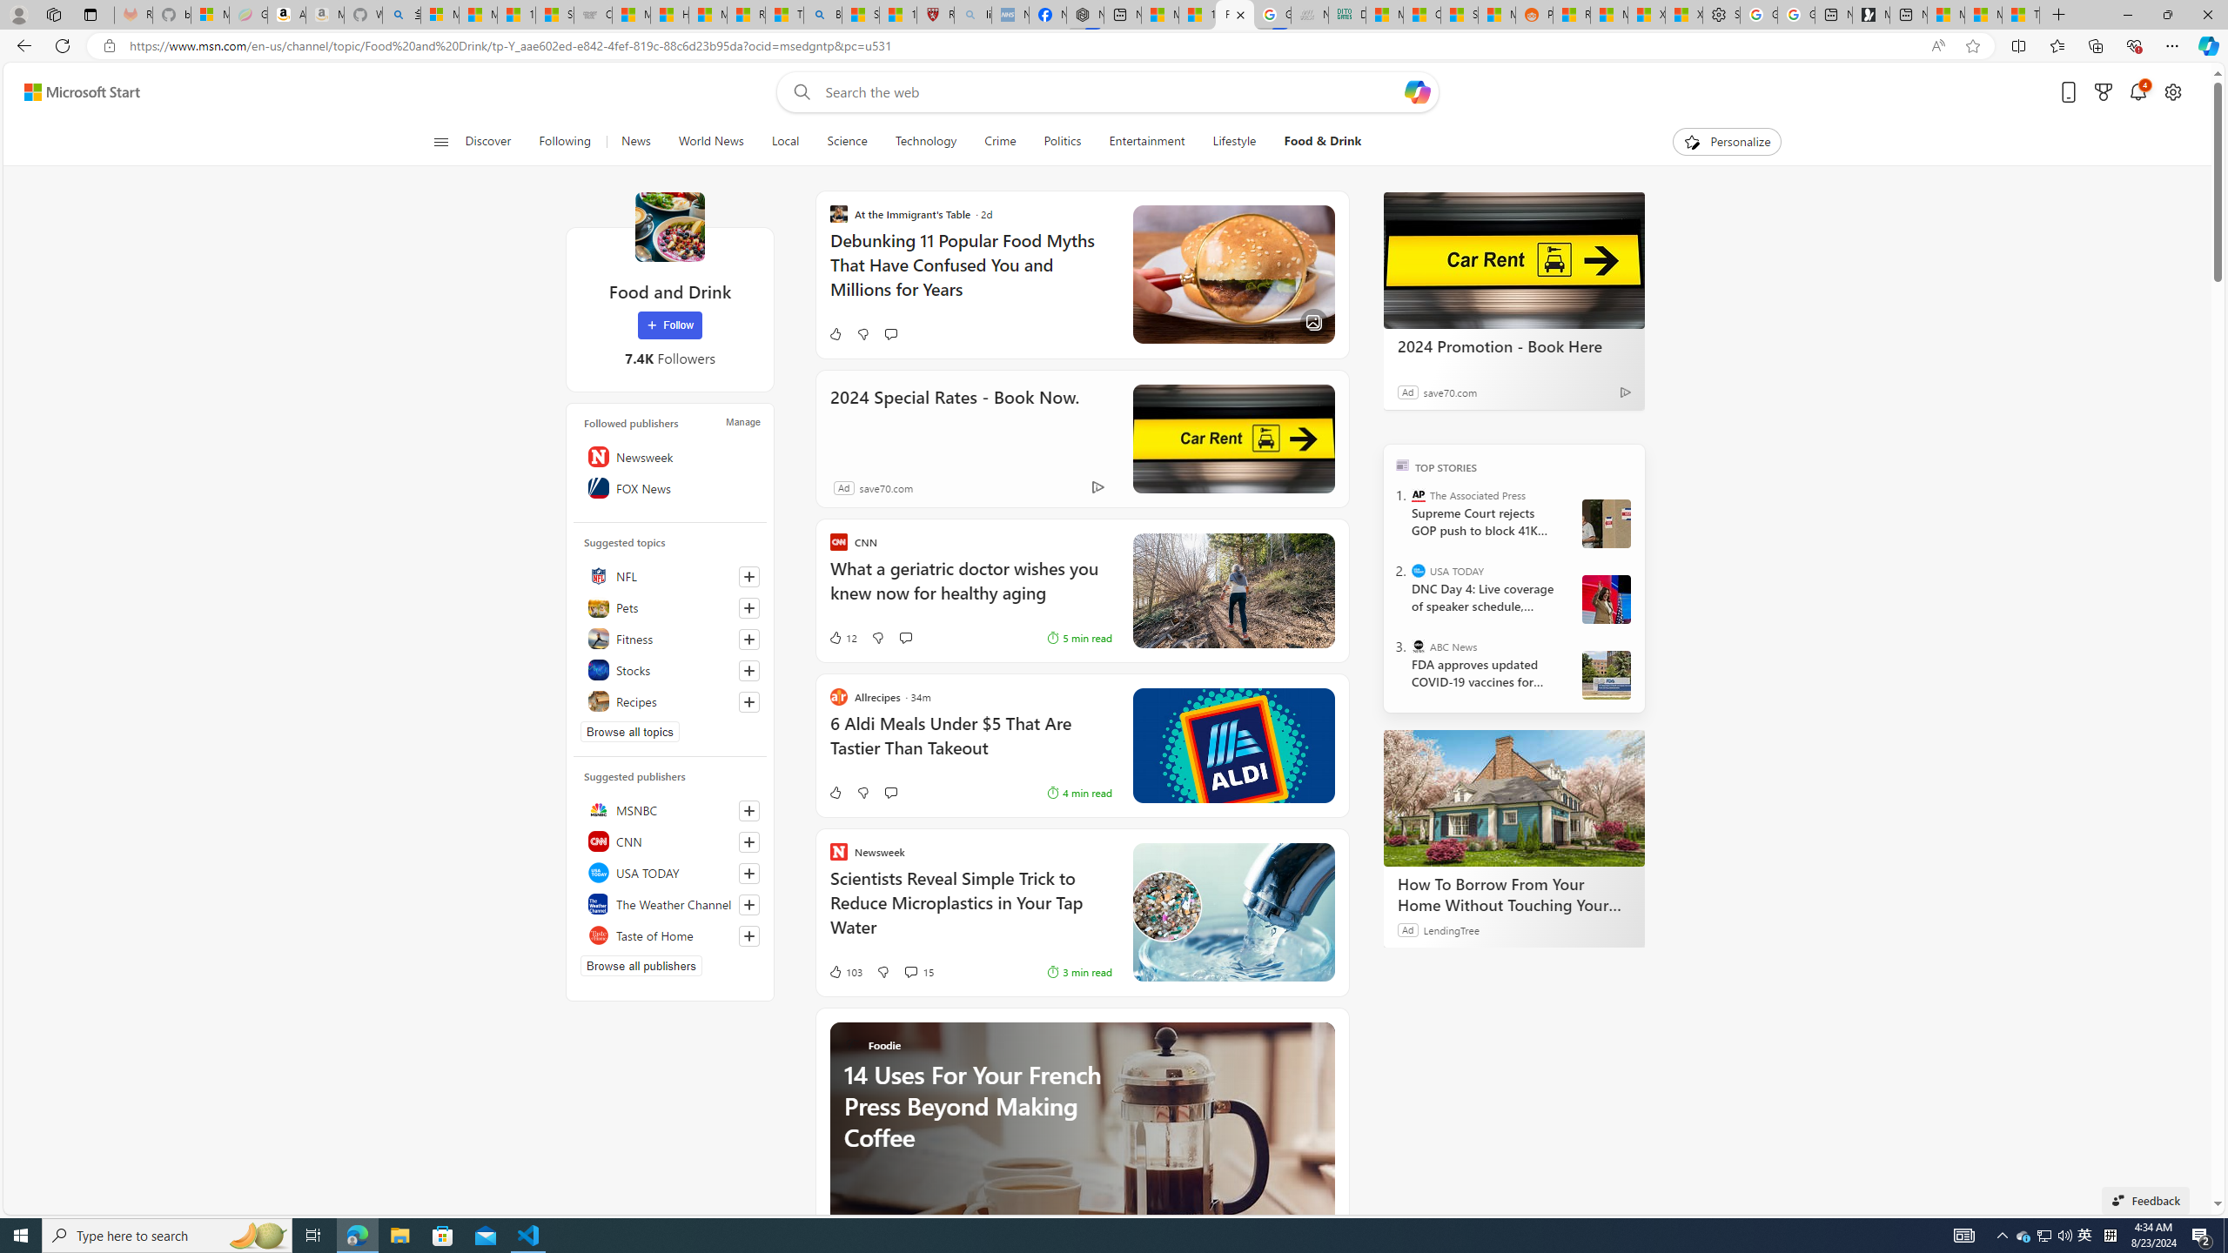  I want to click on 'FOX News', so click(670, 486).